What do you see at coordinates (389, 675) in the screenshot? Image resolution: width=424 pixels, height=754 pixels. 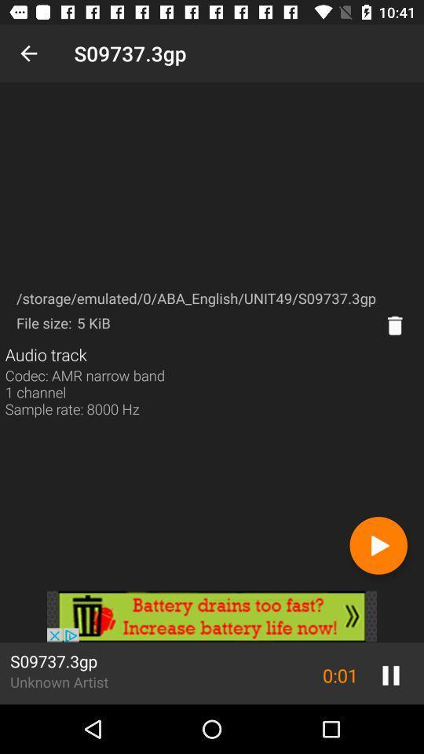 I see `the pause icon` at bounding box center [389, 675].